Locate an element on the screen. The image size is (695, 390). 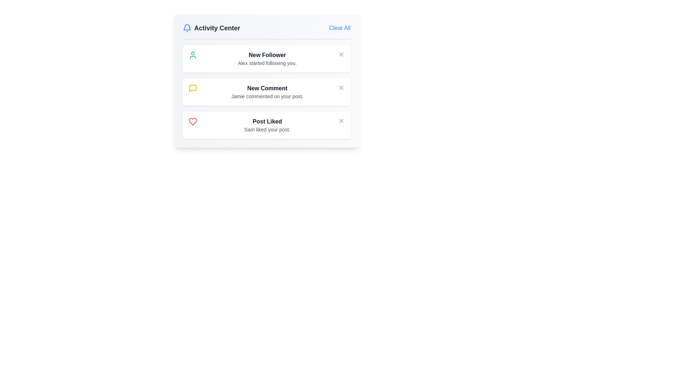
the heart-shaped Decorative icon outlined with a red stroke, located at the top-left corner of the 'Post Liked' notification card is located at coordinates (193, 121).